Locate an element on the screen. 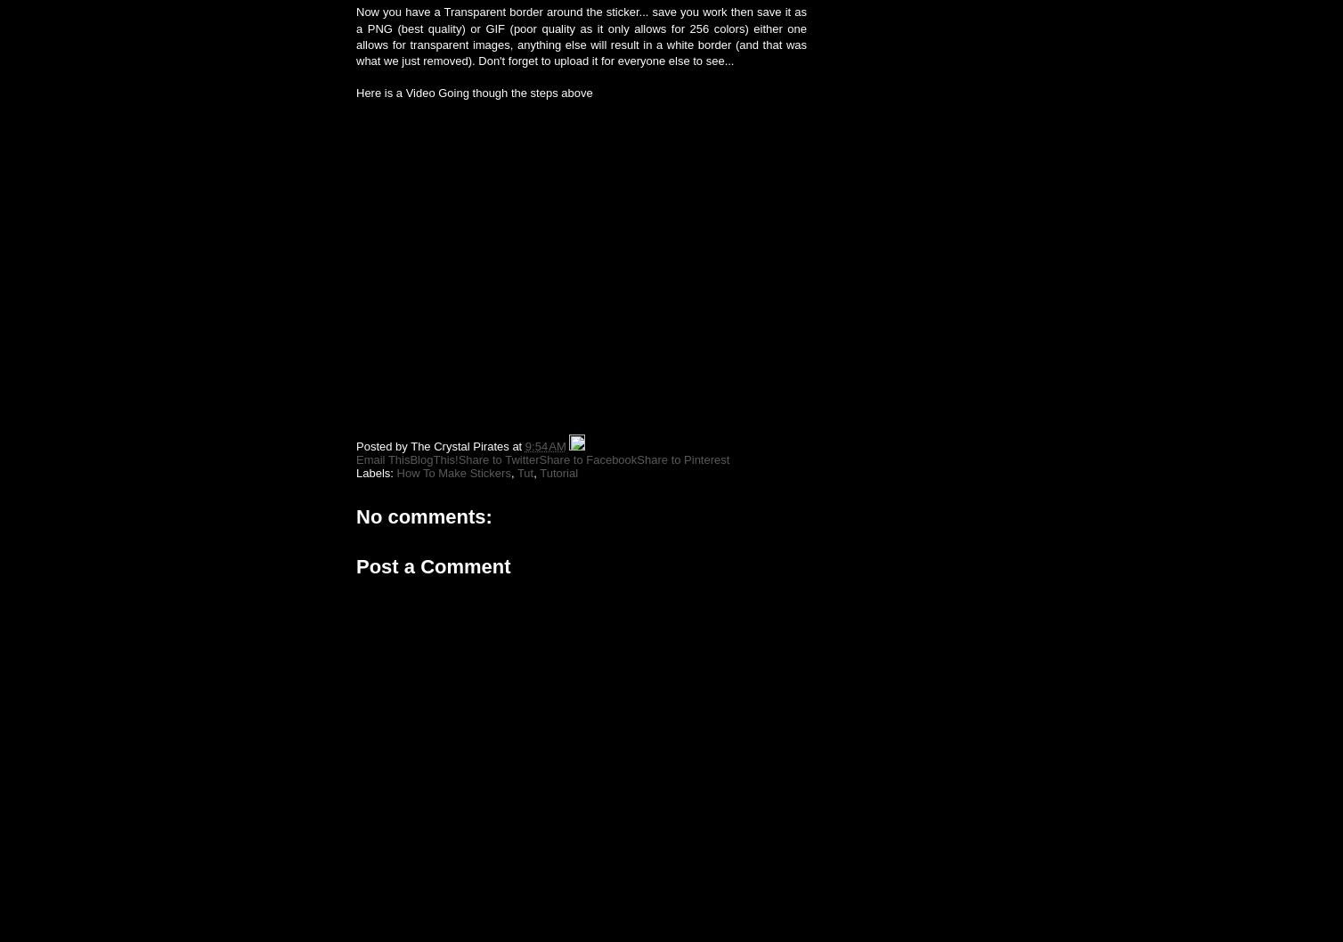 The image size is (1343, 942). '9:54 AM' is located at coordinates (543, 445).